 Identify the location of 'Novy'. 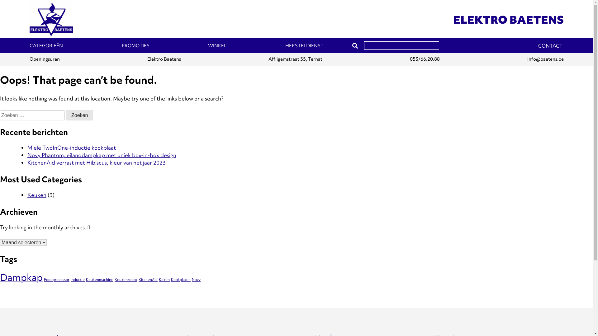
(191, 279).